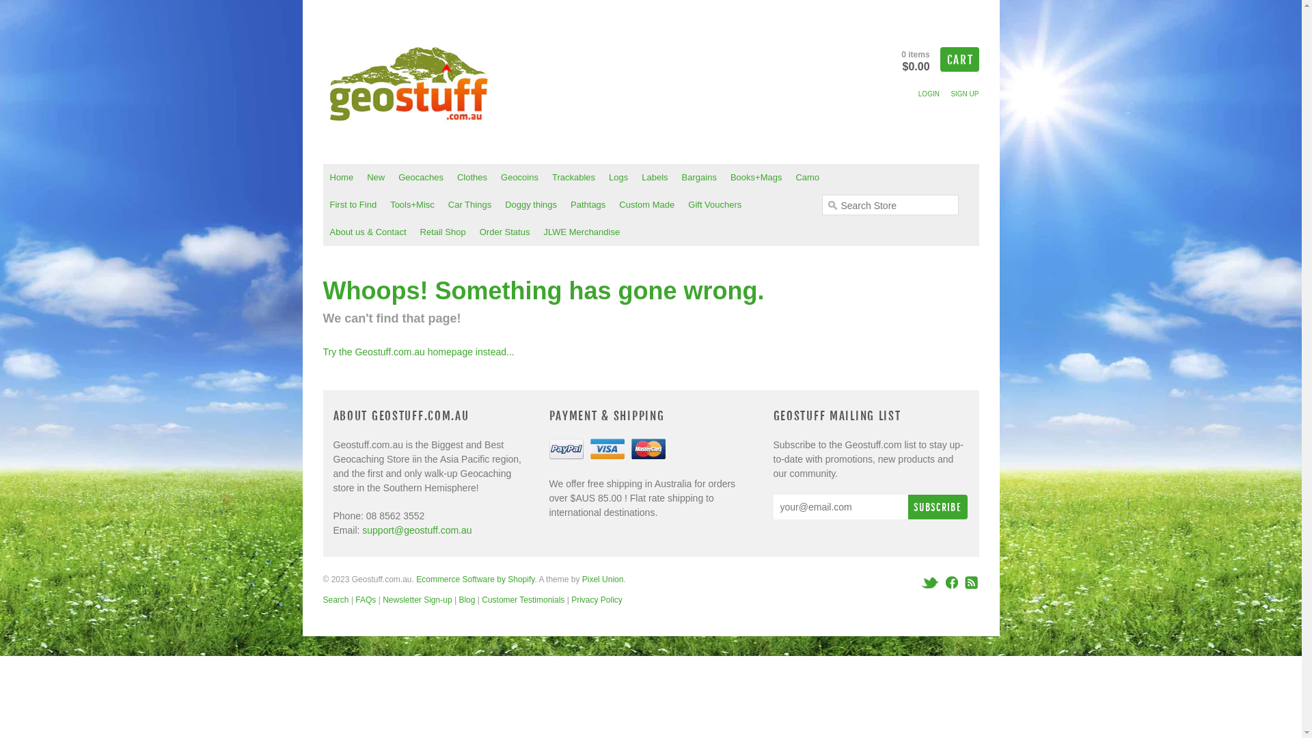  Describe the element at coordinates (959, 59) in the screenshot. I see `'CART'` at that location.